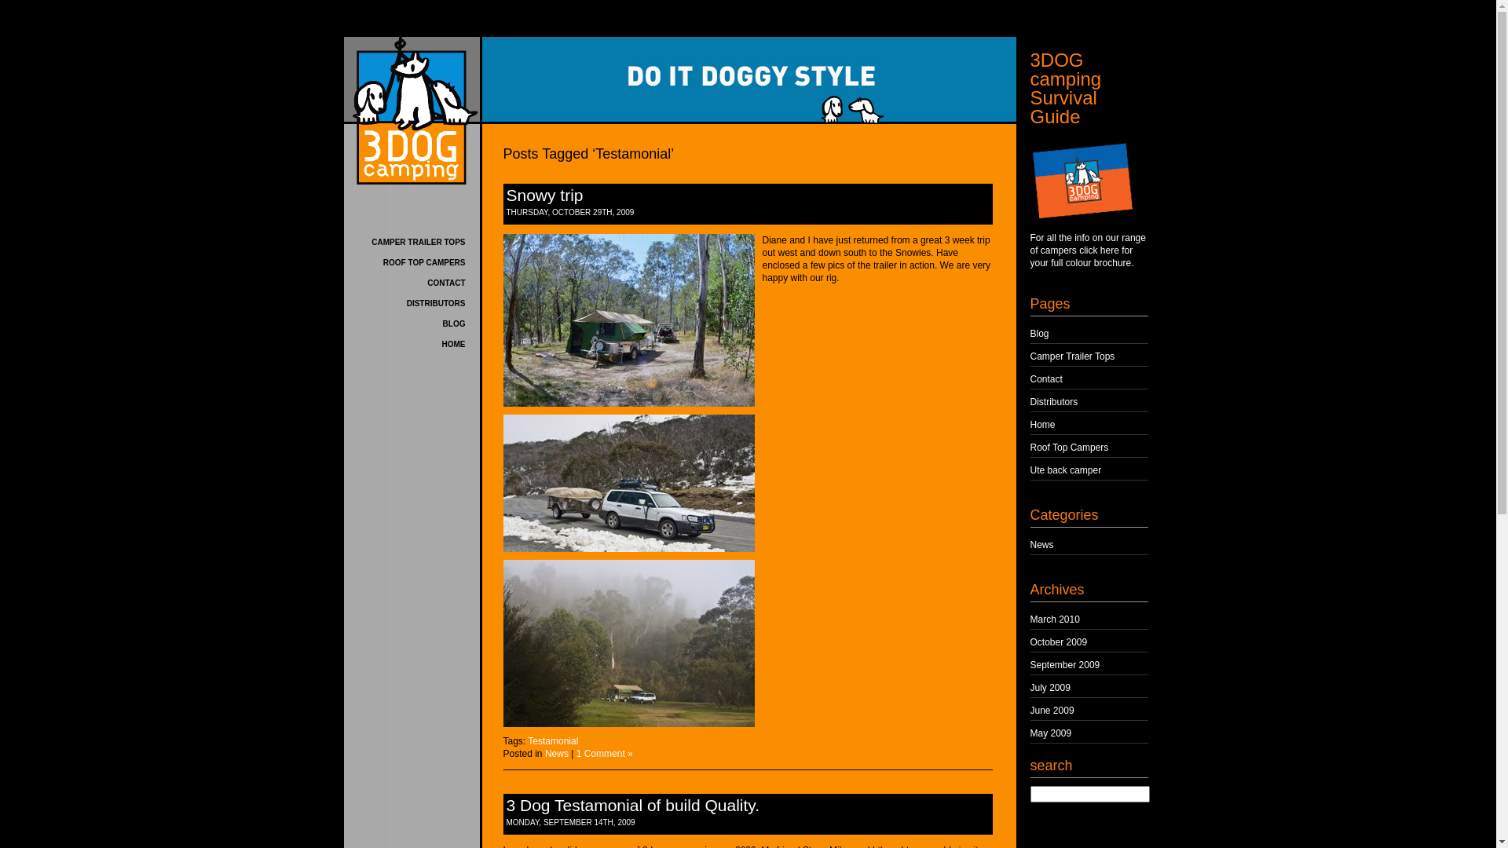 This screenshot has height=848, width=1508. I want to click on 'News', so click(545, 753).